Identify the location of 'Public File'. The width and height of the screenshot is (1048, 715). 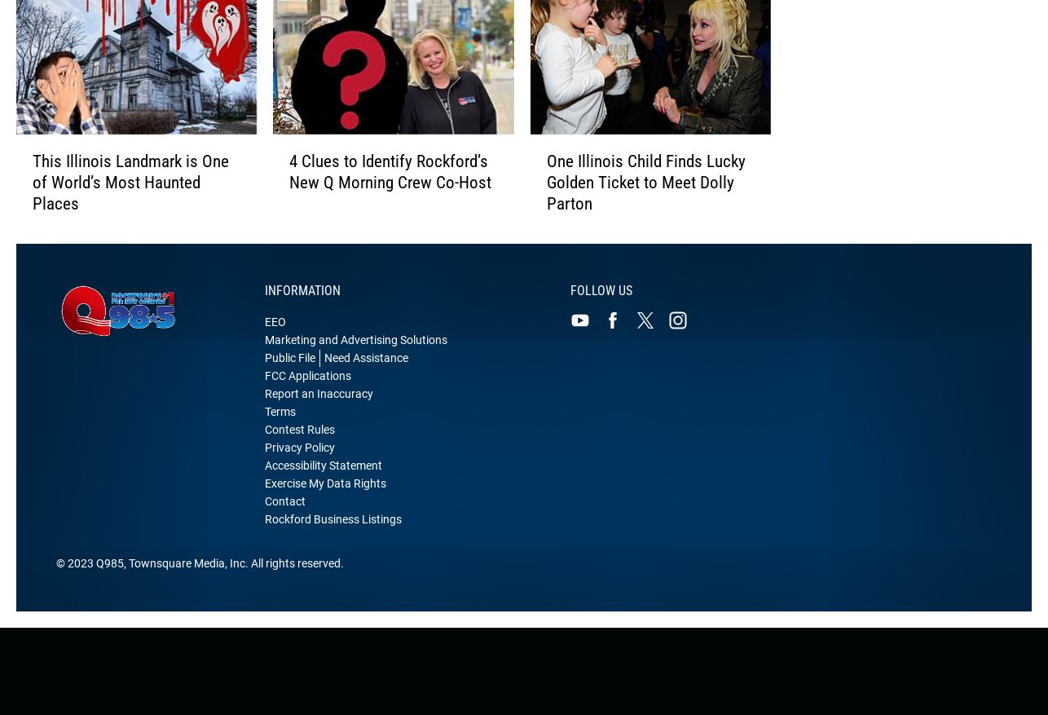
(288, 376).